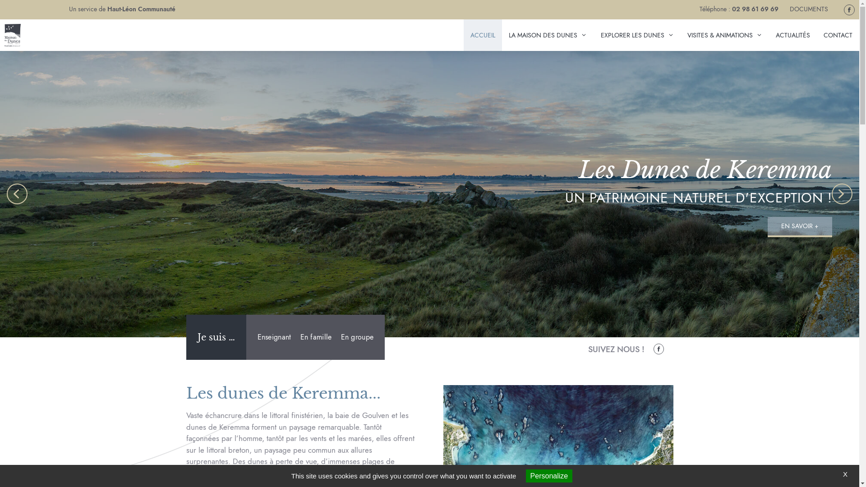 This screenshot has height=487, width=866. Describe the element at coordinates (767, 225) in the screenshot. I see `'EN SAVOIR +'` at that location.